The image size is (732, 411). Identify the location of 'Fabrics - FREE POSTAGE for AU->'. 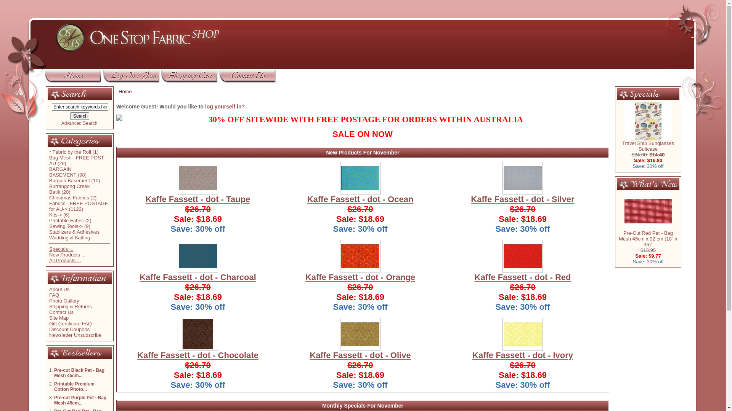
(79, 206).